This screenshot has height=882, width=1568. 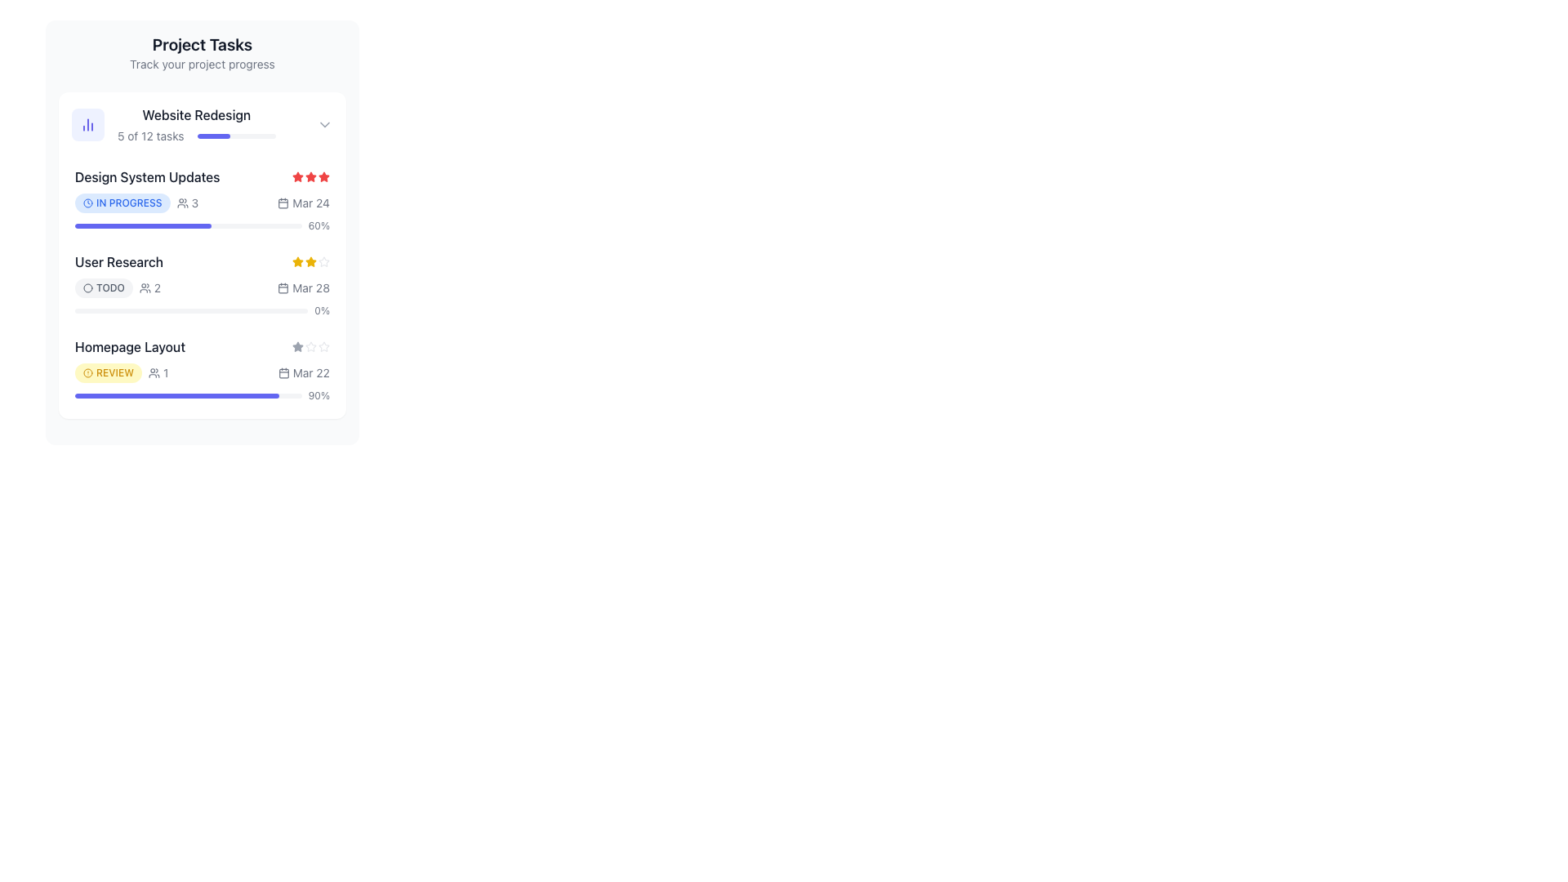 What do you see at coordinates (310, 261) in the screenshot?
I see `the active yellow star icon in the 'User Research' task row` at bounding box center [310, 261].